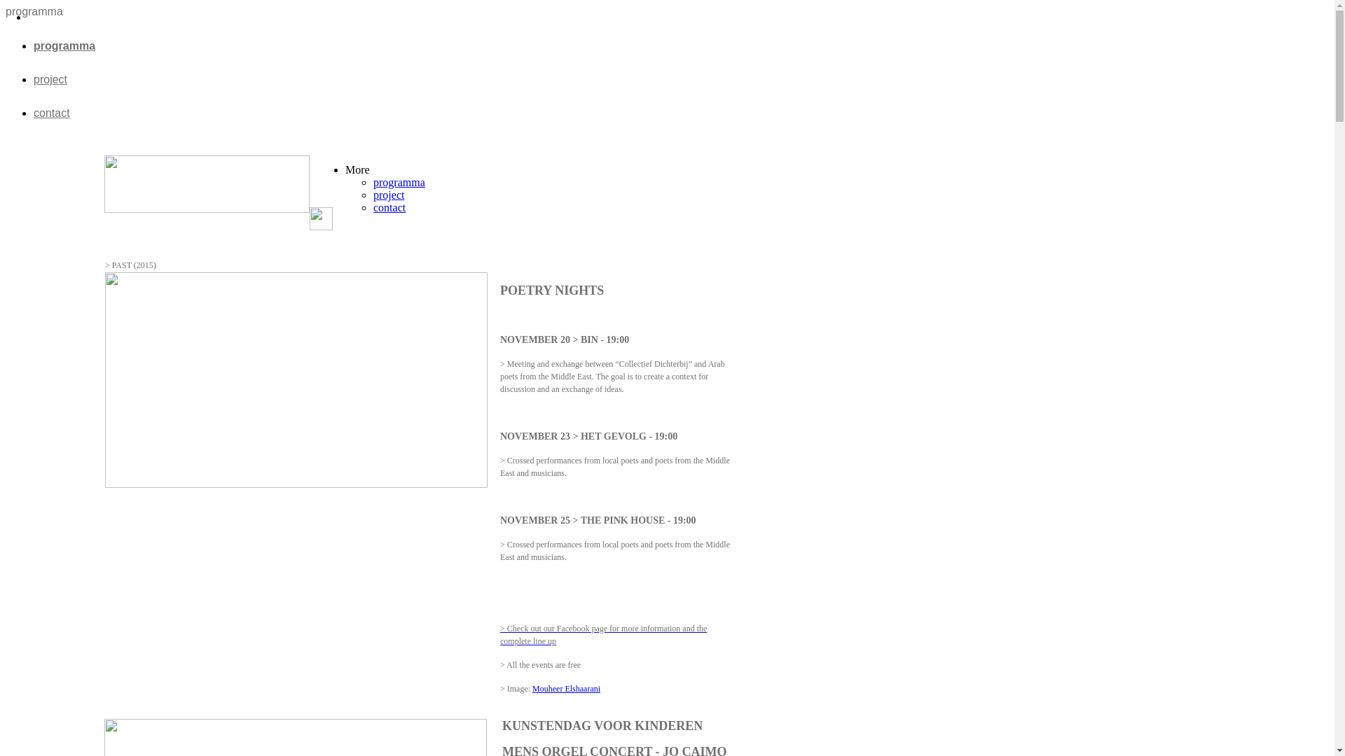 This screenshot has width=1345, height=756. Describe the element at coordinates (51, 112) in the screenshot. I see `'contact'` at that location.